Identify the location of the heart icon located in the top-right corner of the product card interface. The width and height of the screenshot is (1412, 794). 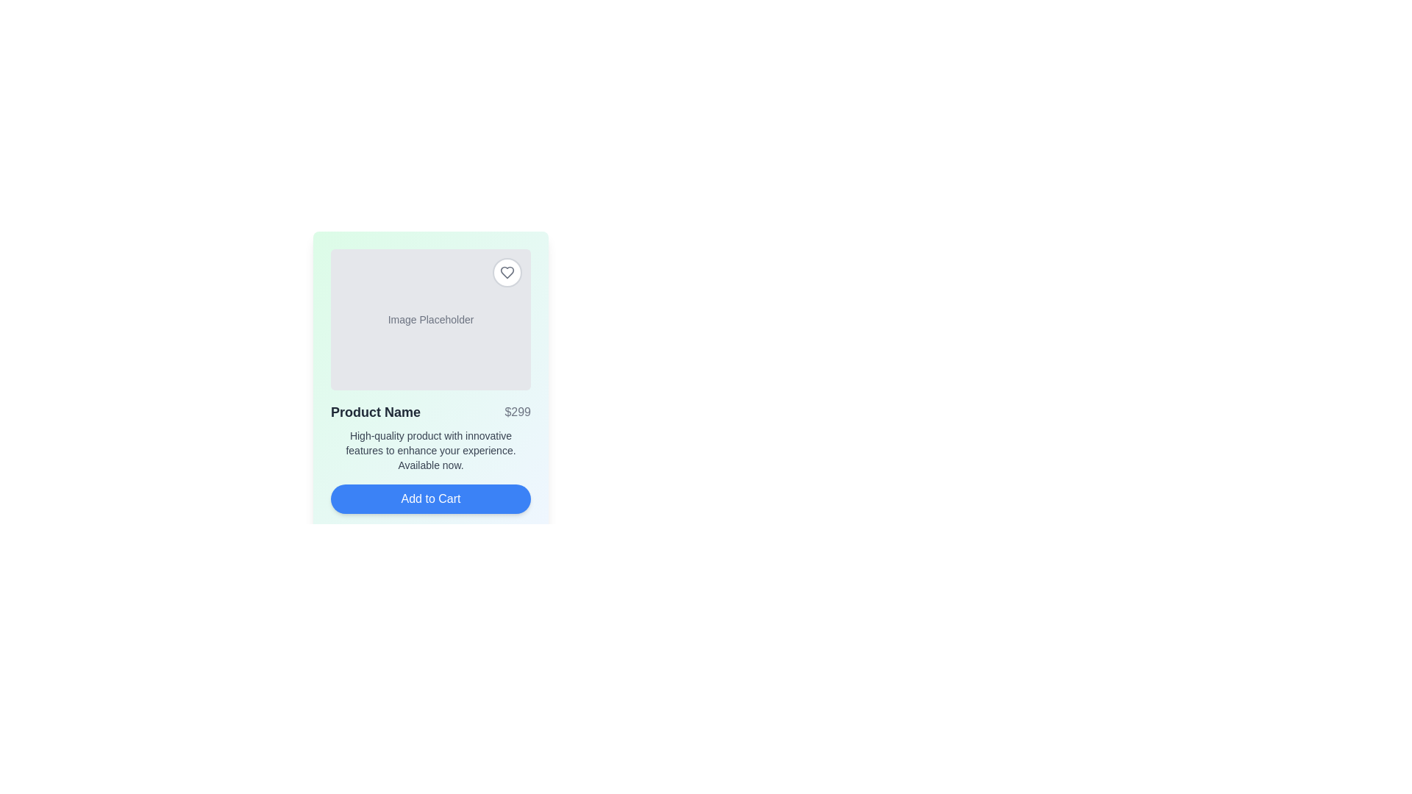
(507, 272).